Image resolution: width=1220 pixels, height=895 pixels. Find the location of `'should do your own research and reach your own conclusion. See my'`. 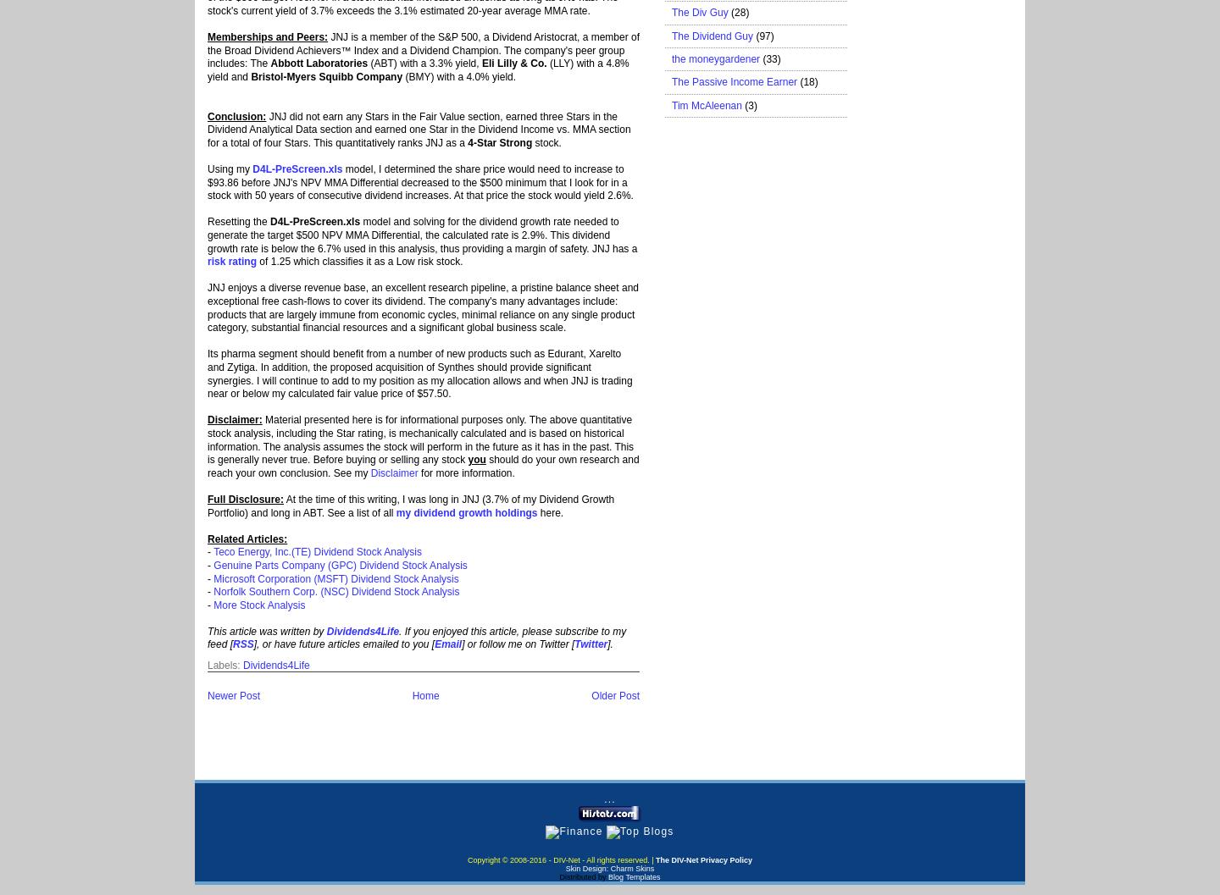

'should do your own research and reach your own conclusion. See my' is located at coordinates (422, 465).